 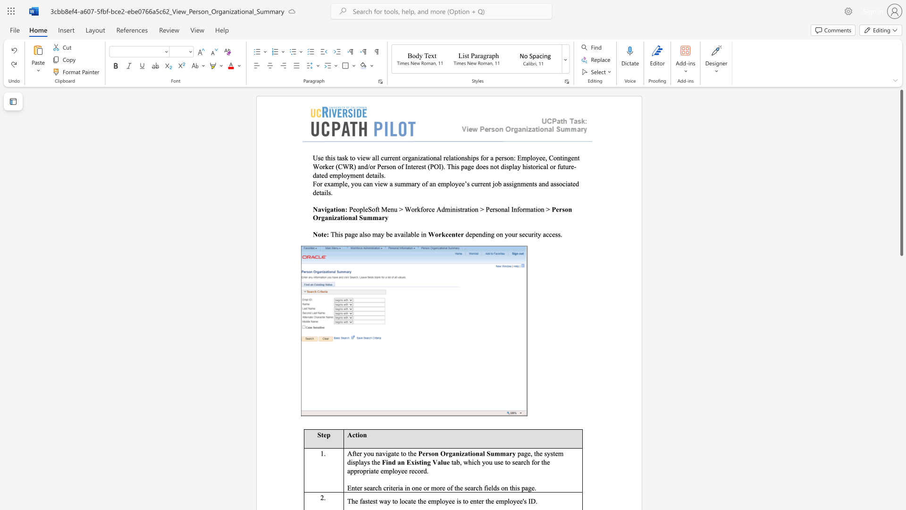 I want to click on the subset text "criteria in one or more of the" within the text "Enter search criteria in one or more of the search fields on this page.", so click(x=383, y=488).